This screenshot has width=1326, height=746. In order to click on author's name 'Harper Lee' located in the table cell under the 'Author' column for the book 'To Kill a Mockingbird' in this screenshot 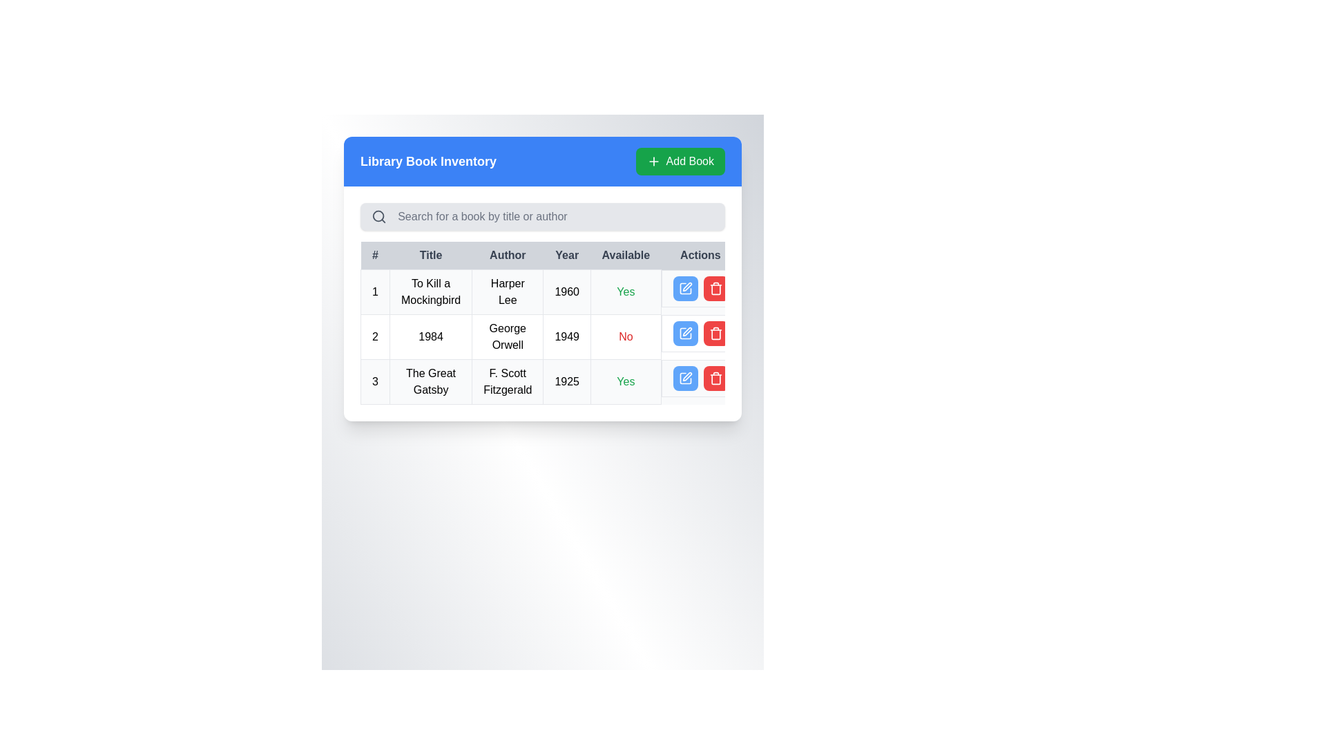, I will do `click(507, 291)`.